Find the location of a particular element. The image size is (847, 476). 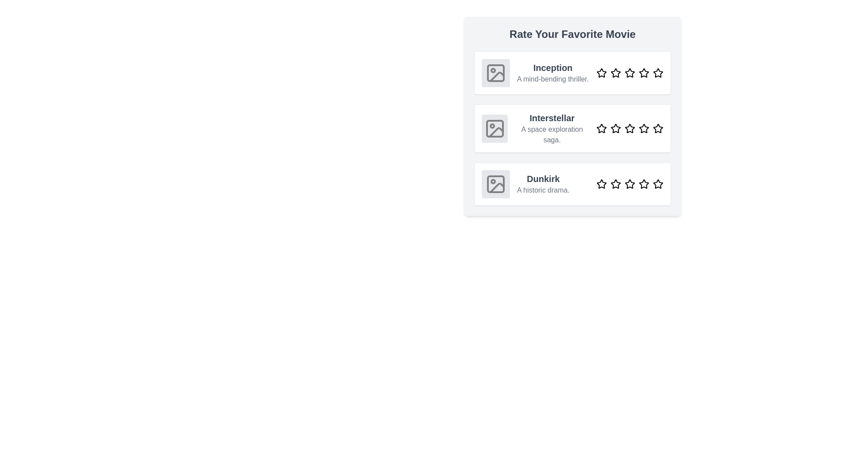

the fifth star icon in the horizontal group of five stars used for rating the movie 'Interstellar' to provide a rating is located at coordinates (658, 129).